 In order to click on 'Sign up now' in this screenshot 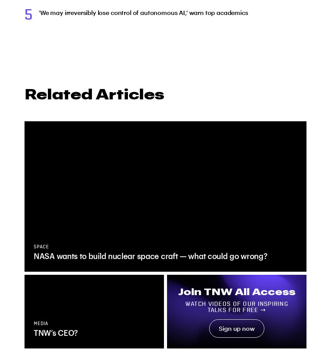, I will do `click(236, 328)`.